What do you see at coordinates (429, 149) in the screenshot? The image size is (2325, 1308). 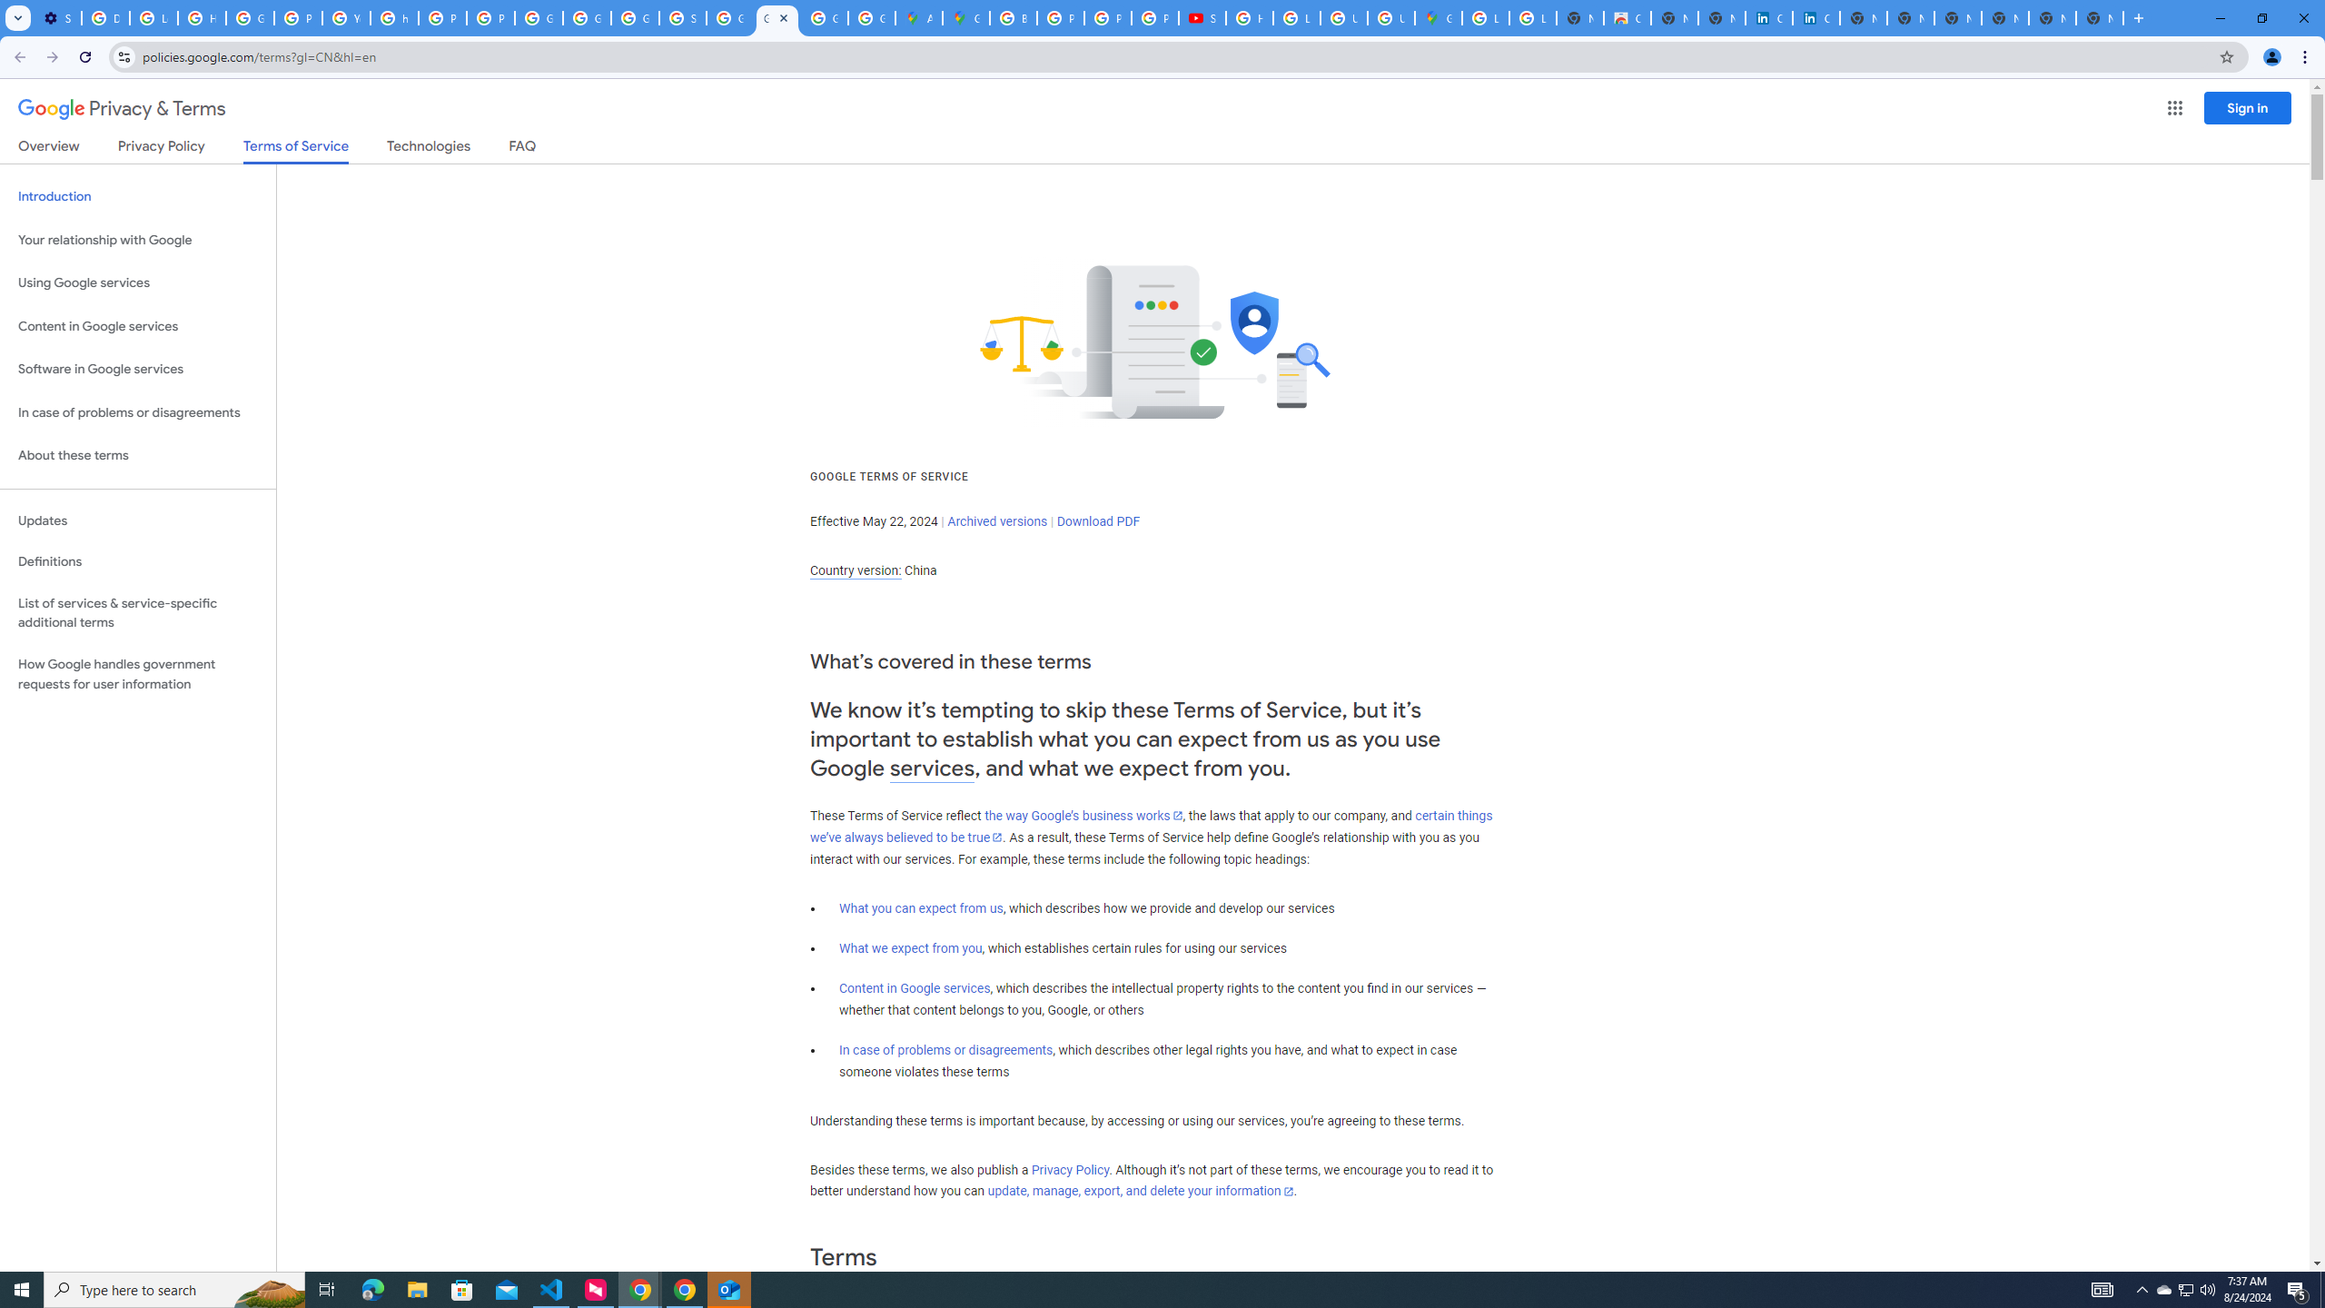 I see `'Technologies'` at bounding box center [429, 149].